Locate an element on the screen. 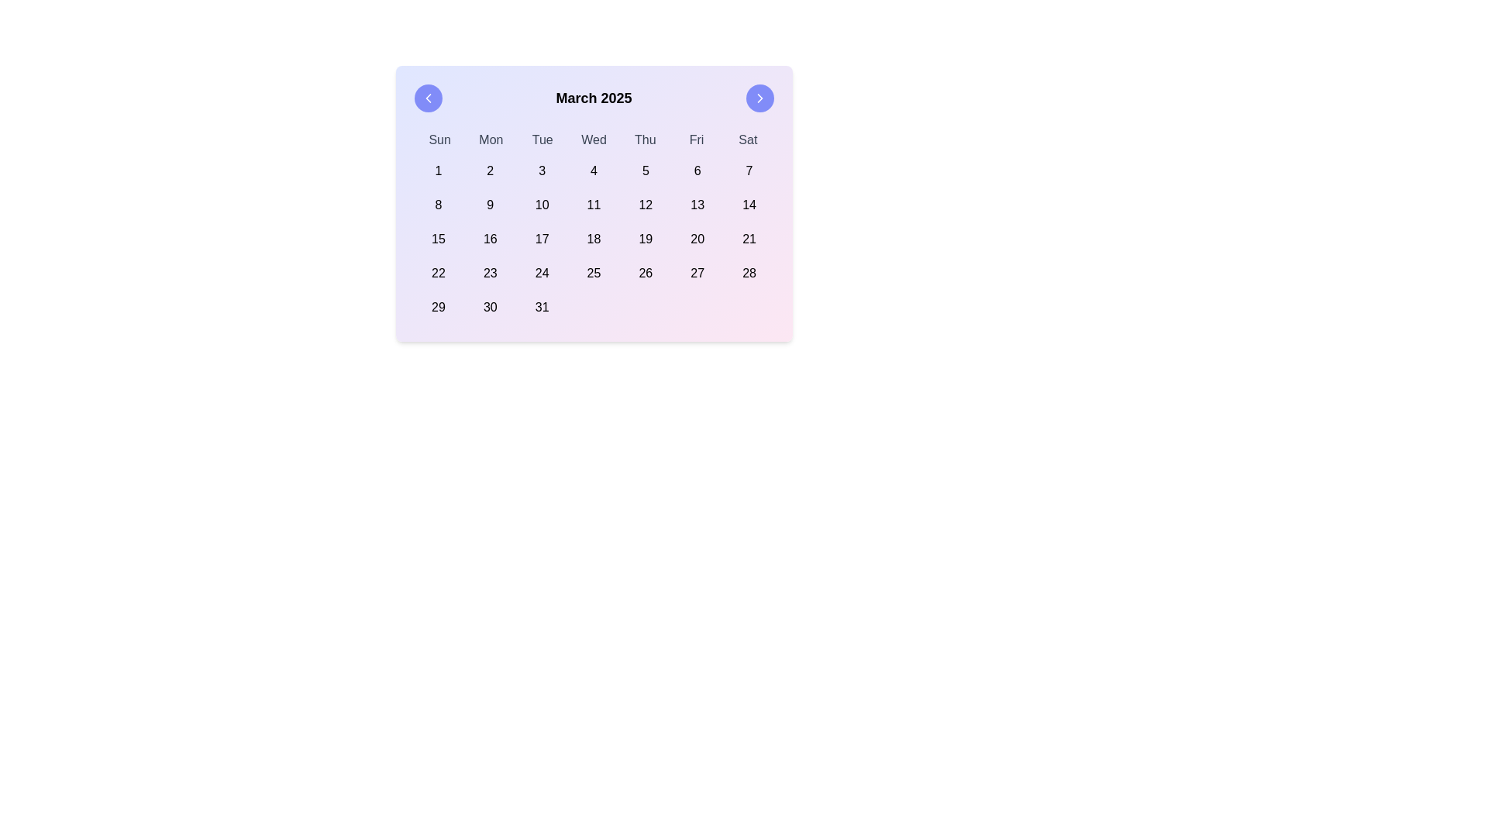 Image resolution: width=1488 pixels, height=837 pixels. the chevron icon located is located at coordinates (759, 98).